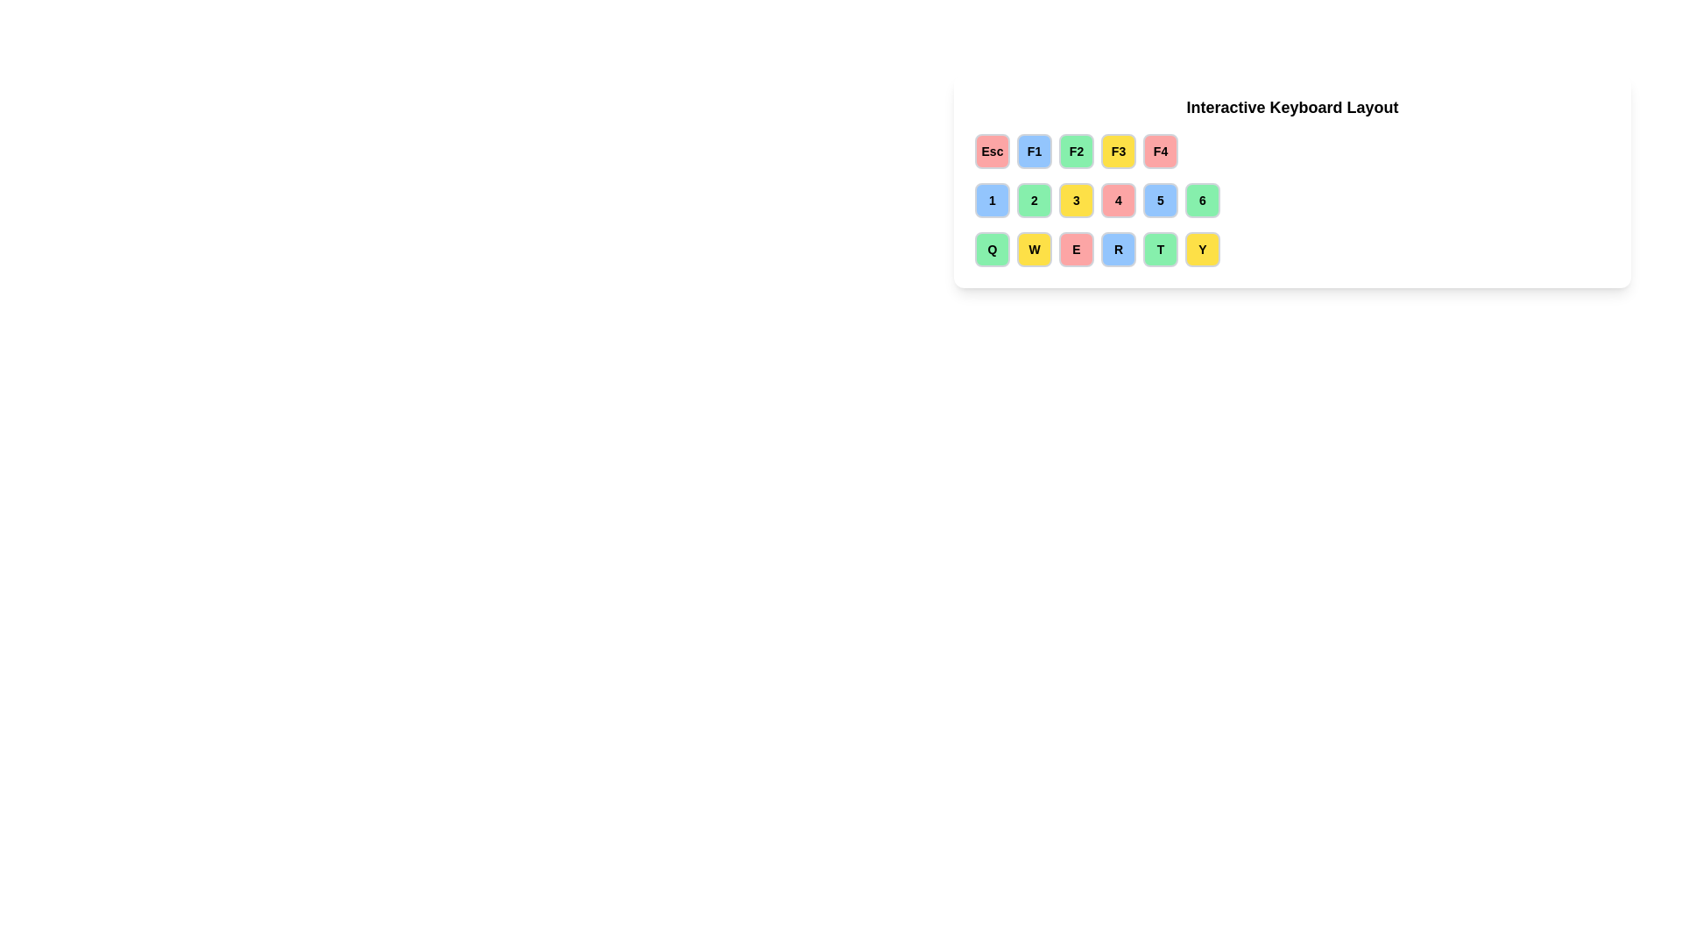 This screenshot has height=946, width=1682. I want to click on the square button with a blue background and white border, displaying the number '5' in bold black font, so click(1160, 199).